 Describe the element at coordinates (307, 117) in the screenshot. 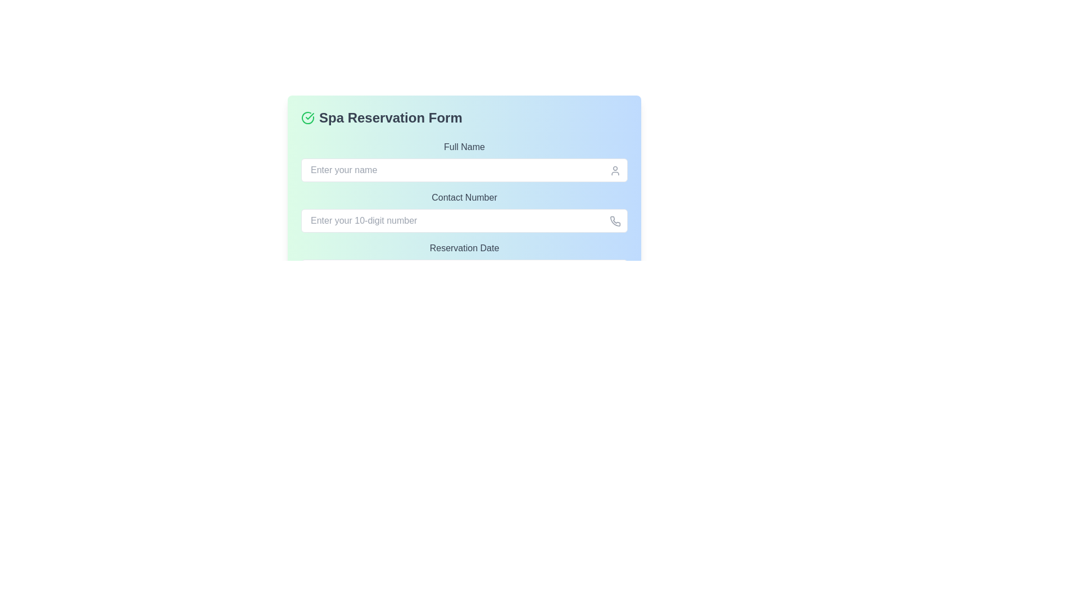

I see `the success status icon located to the immediate left of the 'Spa Reservation Form' text in the header of the form` at that location.